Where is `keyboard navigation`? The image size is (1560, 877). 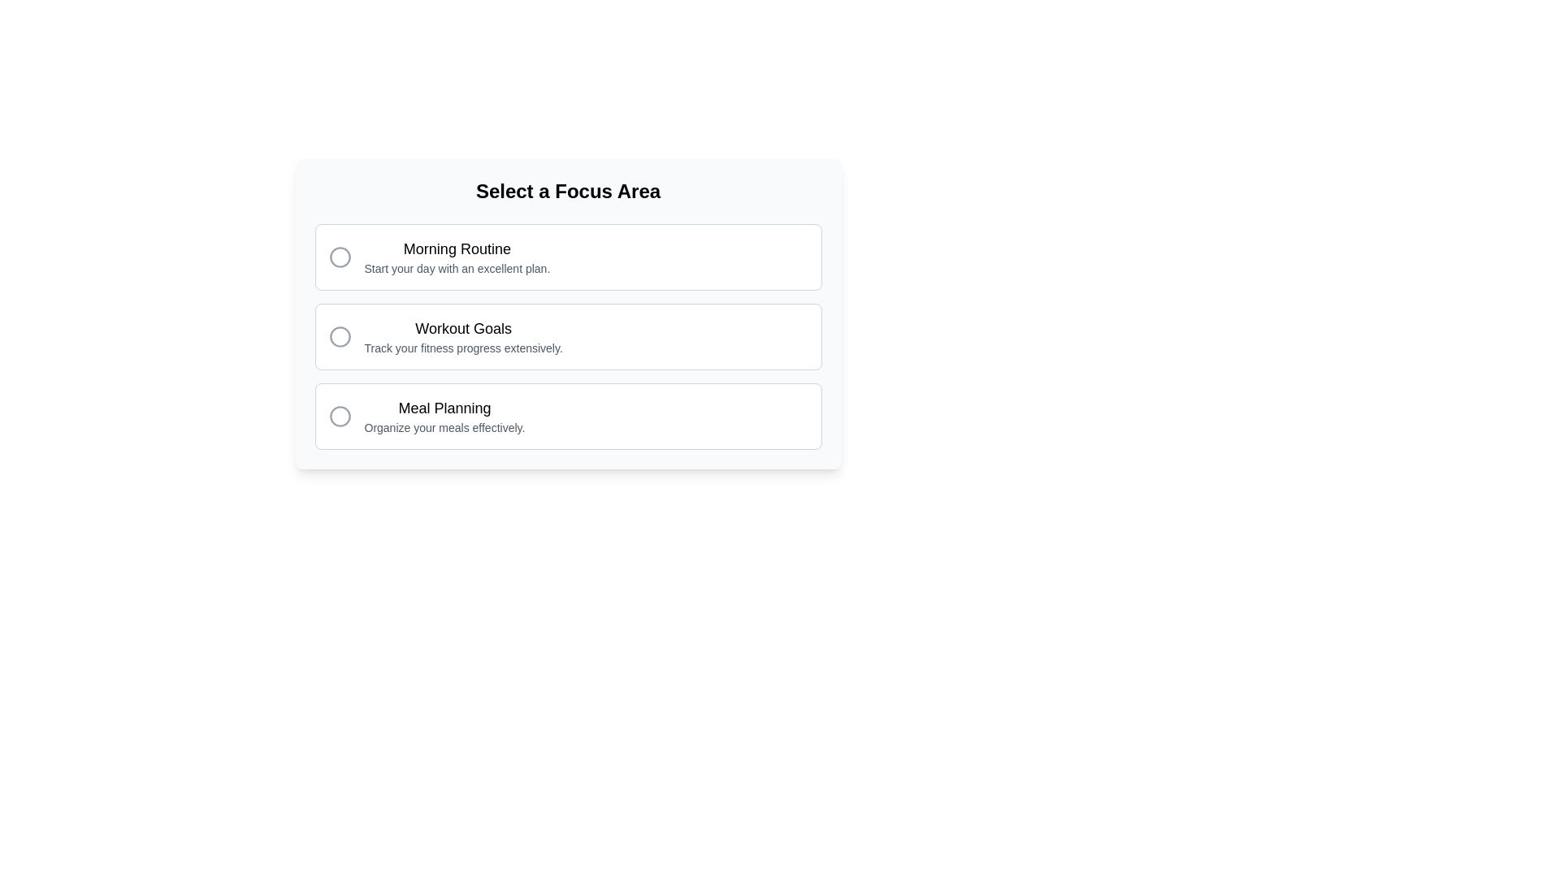 keyboard navigation is located at coordinates (568, 416).